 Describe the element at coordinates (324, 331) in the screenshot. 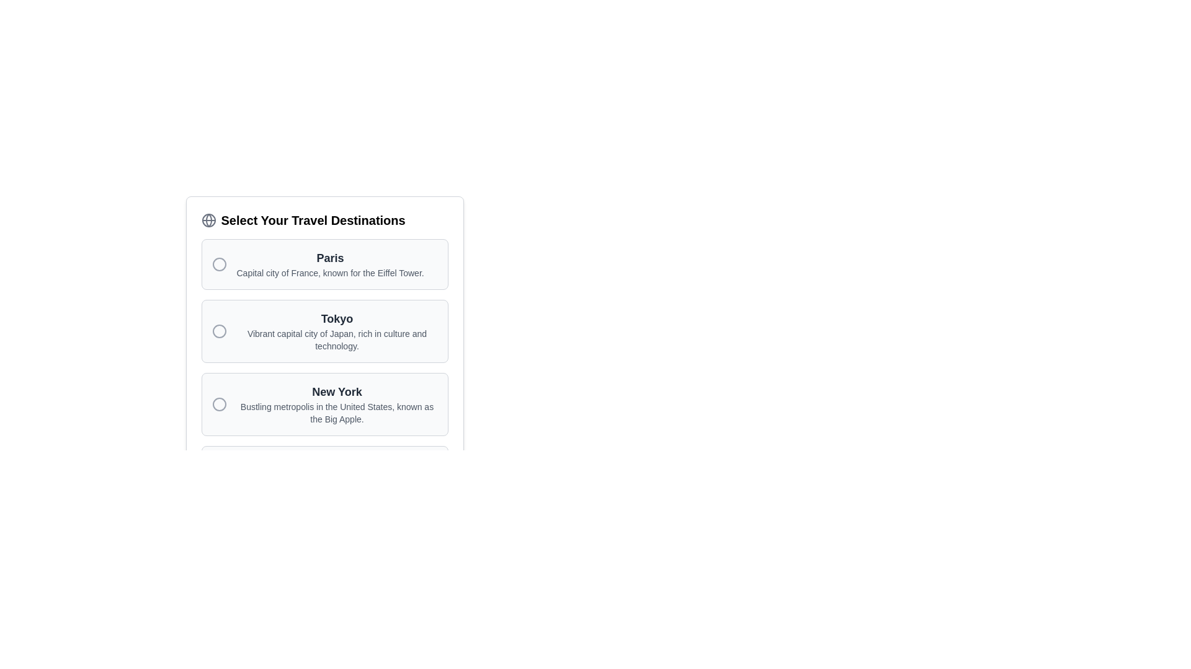

I see `textual content of the card titled 'Tokyo', which includes the description 'Vibrant capital city of Japan, rich in culture and technology.'` at that location.